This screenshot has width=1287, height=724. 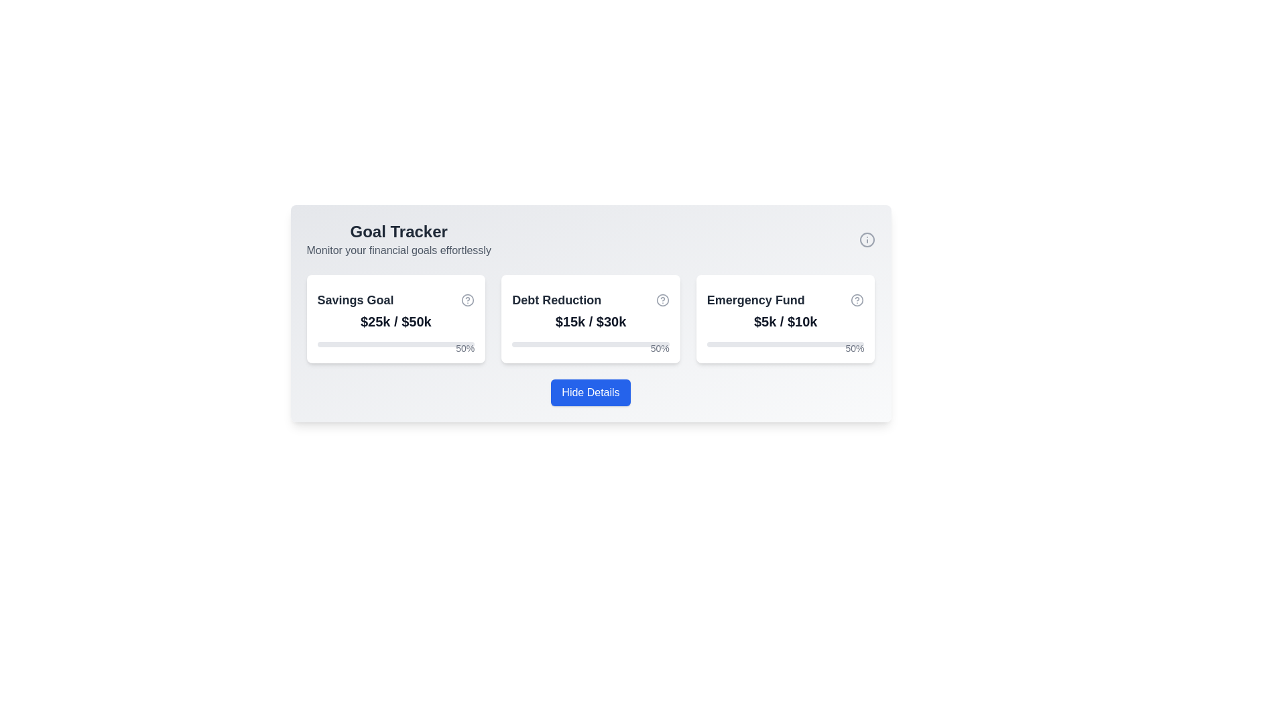 What do you see at coordinates (857, 299) in the screenshot?
I see `the decorative SVG Circle that represents the circular part of the 'help' styled icon located in the top-right corner of the 'Emergency Fund' card` at bounding box center [857, 299].